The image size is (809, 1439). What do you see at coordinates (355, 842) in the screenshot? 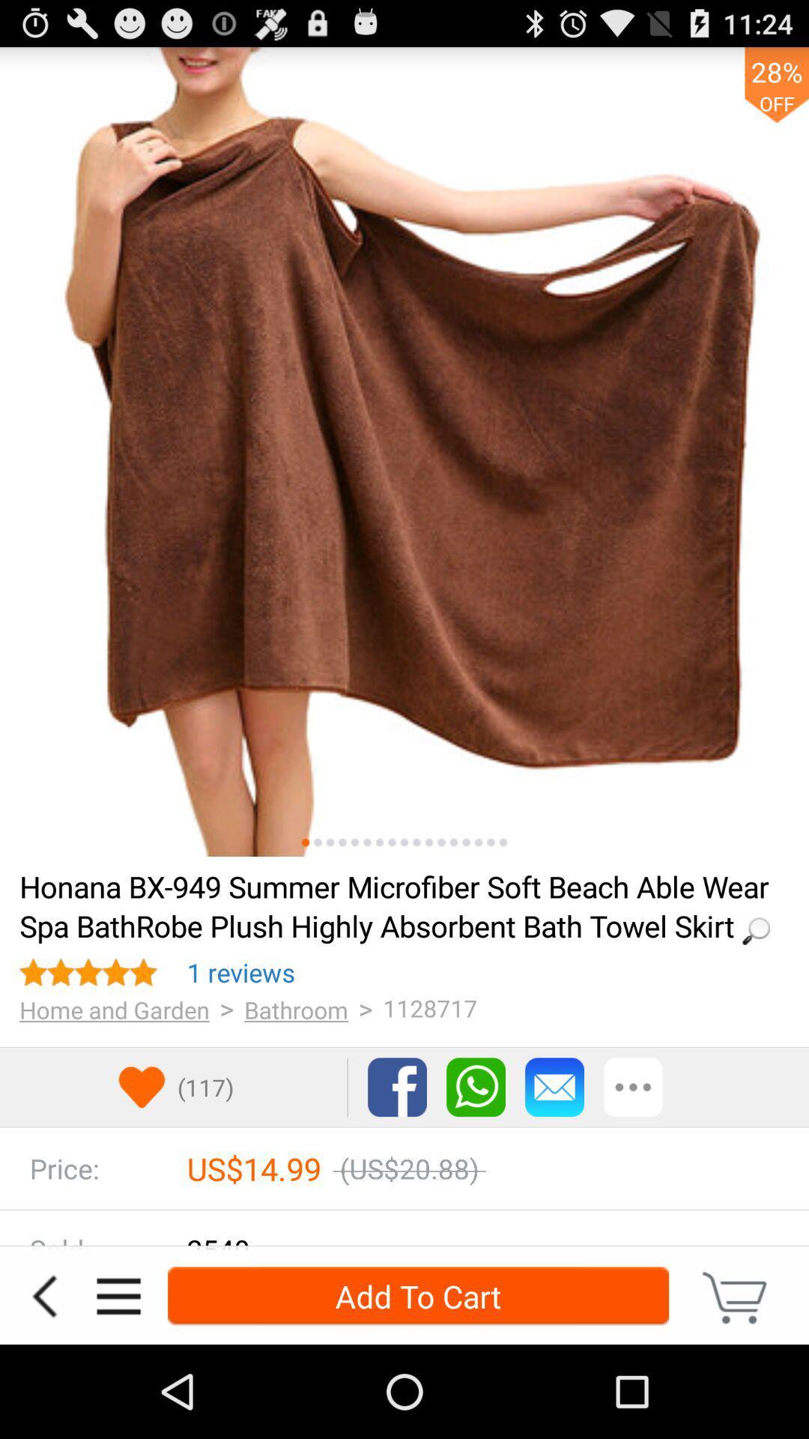
I see `image link` at bounding box center [355, 842].